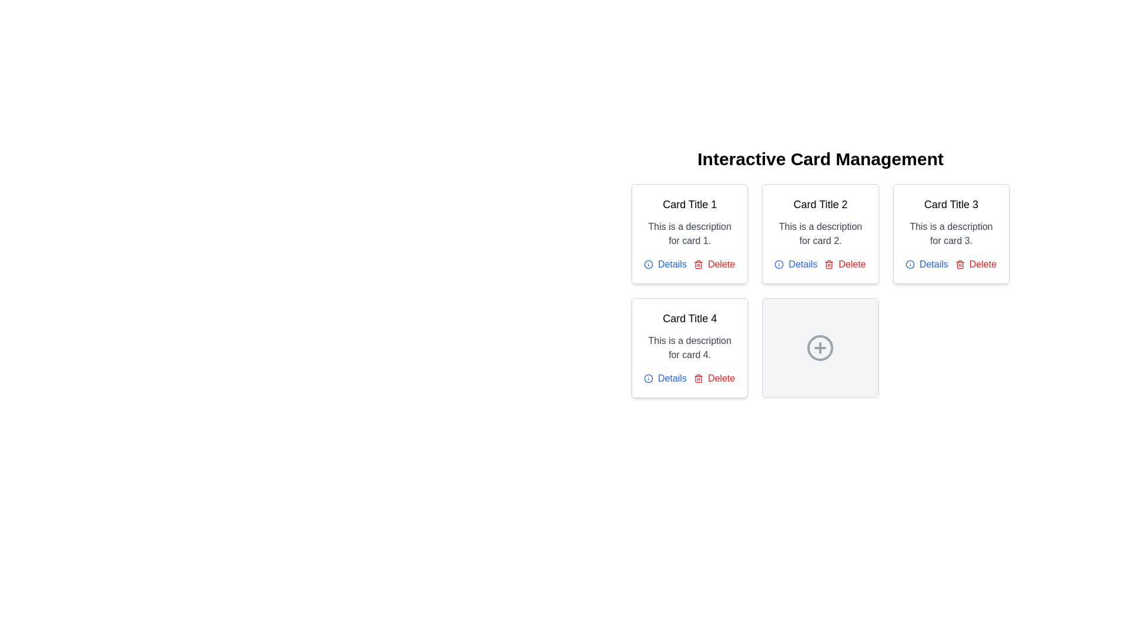 This screenshot has width=1129, height=635. Describe the element at coordinates (951, 265) in the screenshot. I see `the 'Details' link, which is styled in blue and located at the bottom section of the card titled 'Card Title 3'` at that location.